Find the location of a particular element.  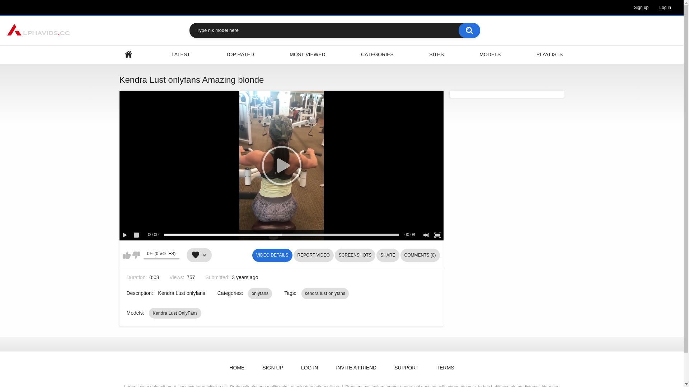

'MOST VIEWED' is located at coordinates (307, 54).